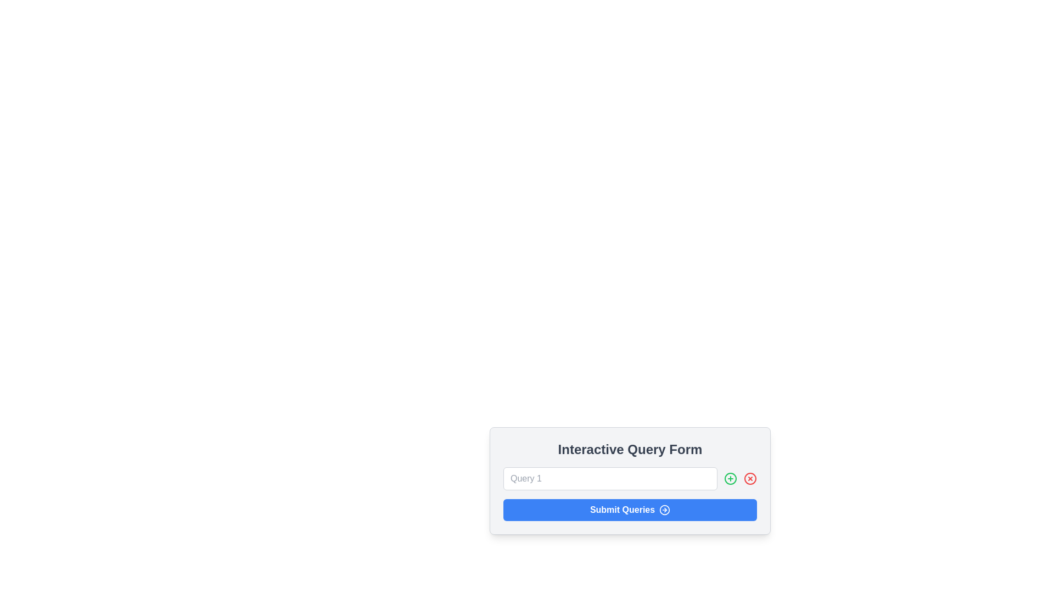 The width and height of the screenshot is (1054, 593). Describe the element at coordinates (664, 510) in the screenshot. I see `accessibility features of the icon located at the bottom right section of the 'Submit Queries' button, which symbolizes the action of submitting queries` at that location.